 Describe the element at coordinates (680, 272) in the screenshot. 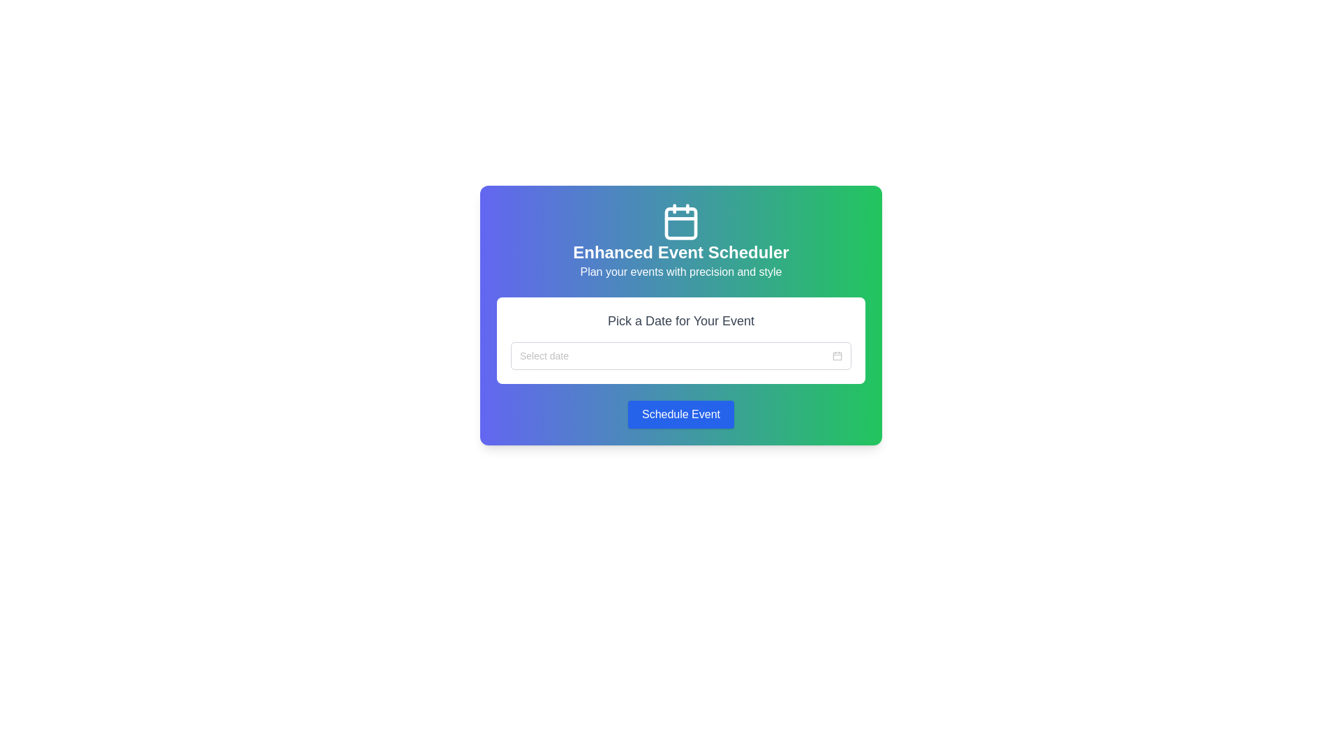

I see `the descriptive subtitle text located directly below the header text 'Enhanced Event Scheduler', which serves as a tagline for the scheduler` at that location.